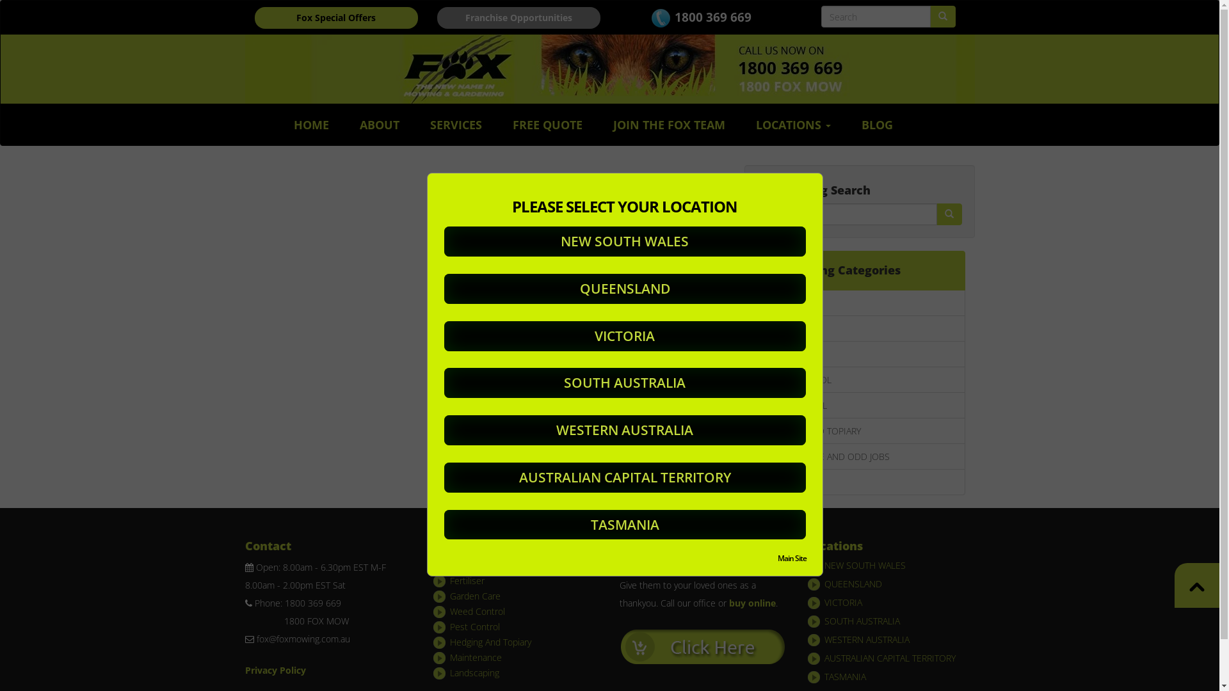 The width and height of the screenshot is (1229, 691). I want to click on 'BLOG', so click(876, 125).